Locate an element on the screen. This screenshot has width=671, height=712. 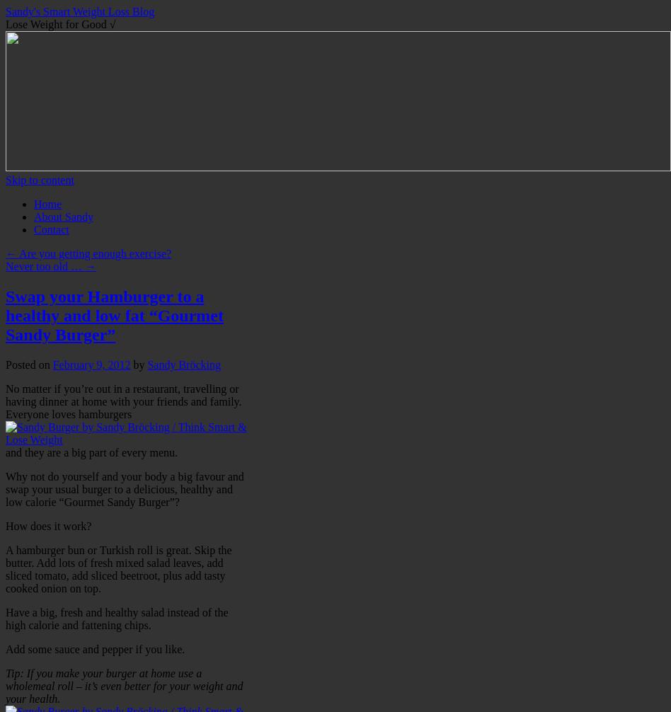
'Tip: If you make your burger at home use a wholemeal roll – it’s even better for your weight and your health.' is located at coordinates (123, 684).